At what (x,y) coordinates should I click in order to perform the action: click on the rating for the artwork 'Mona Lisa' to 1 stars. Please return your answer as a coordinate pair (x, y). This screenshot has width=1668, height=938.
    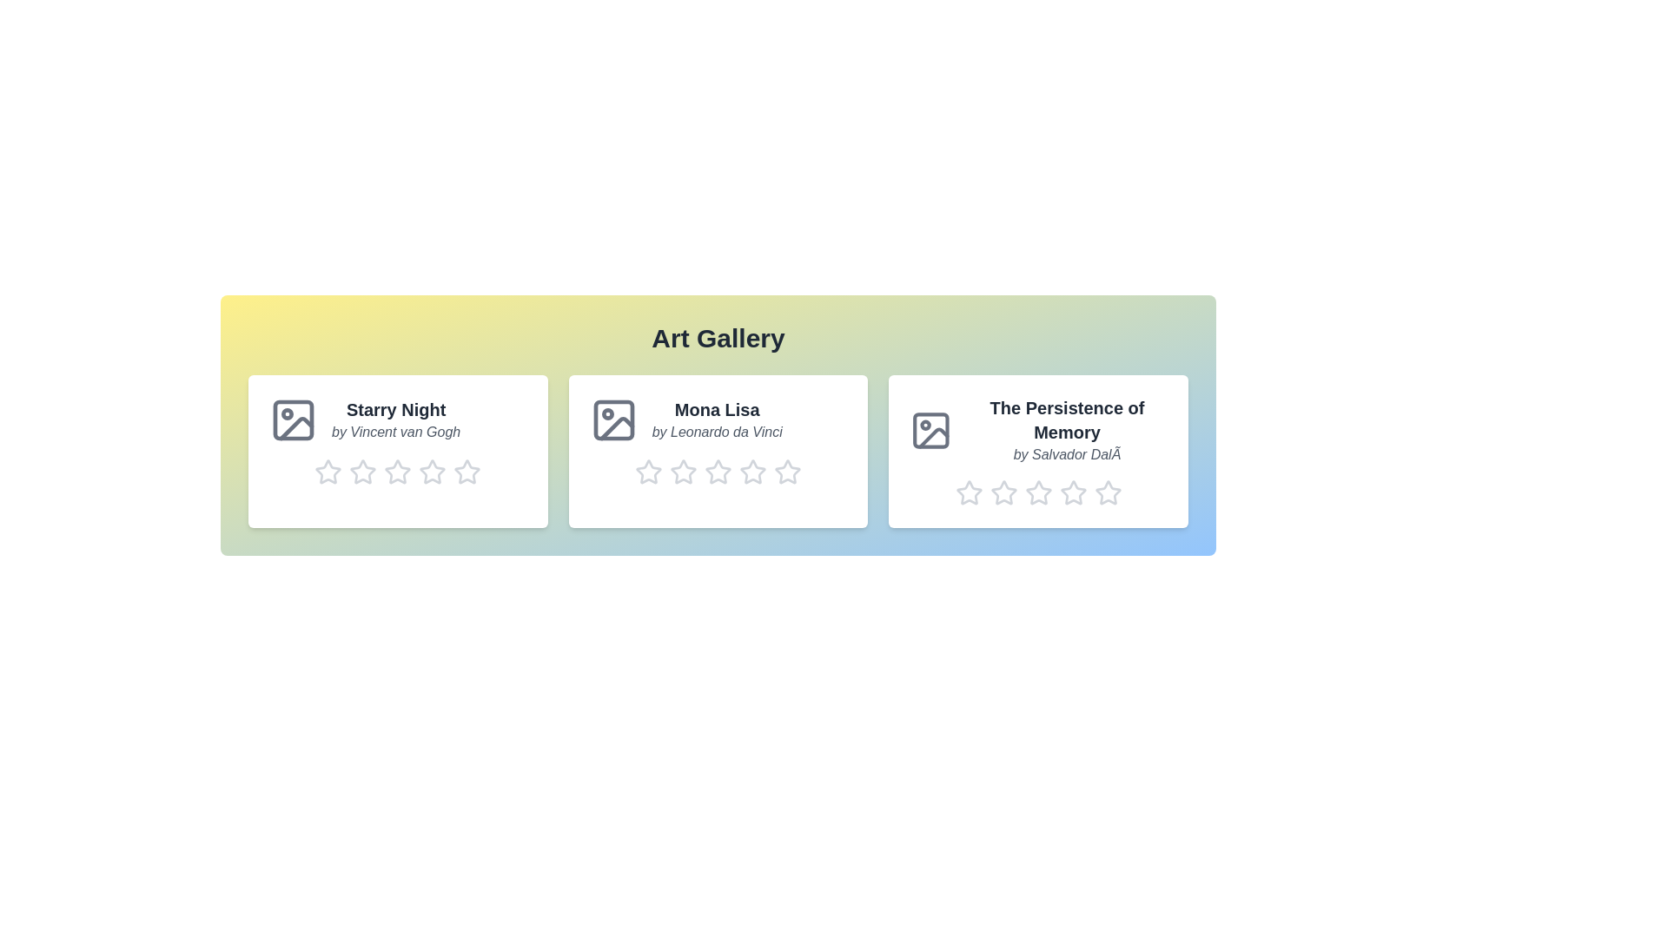
    Looking at the image, I should click on (646, 472).